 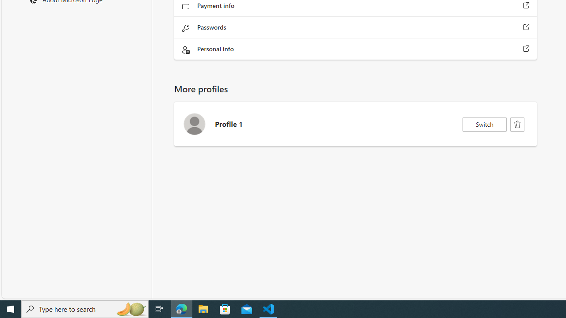 I want to click on 'Switch', so click(x=484, y=124).